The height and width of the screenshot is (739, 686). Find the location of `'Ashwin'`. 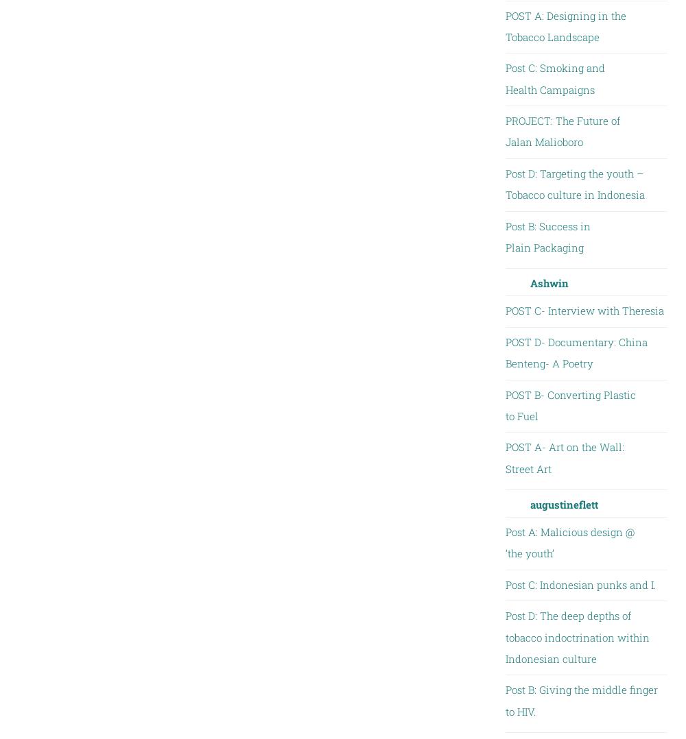

'Ashwin' is located at coordinates (549, 282).